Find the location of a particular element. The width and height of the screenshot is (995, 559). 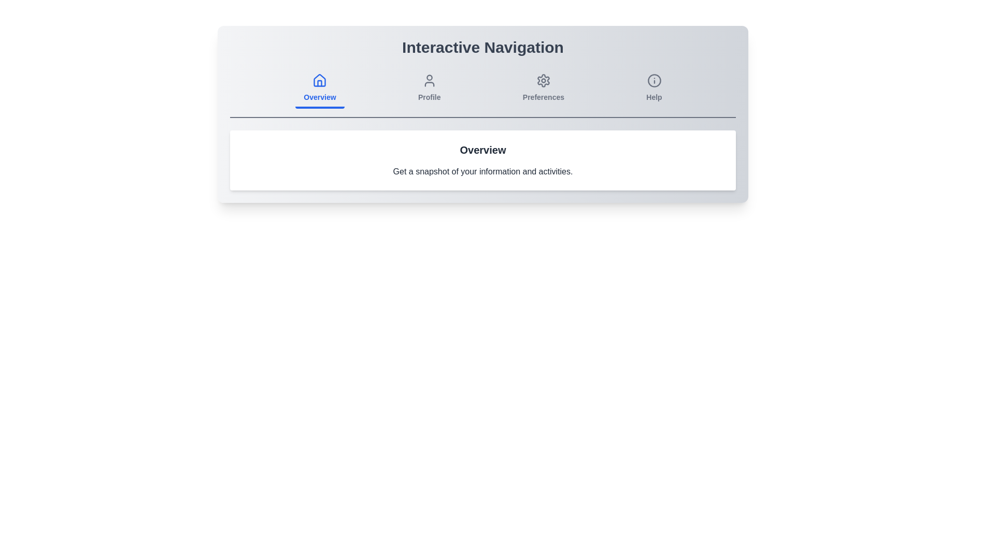

the tab labeled Help is located at coordinates (653, 89).